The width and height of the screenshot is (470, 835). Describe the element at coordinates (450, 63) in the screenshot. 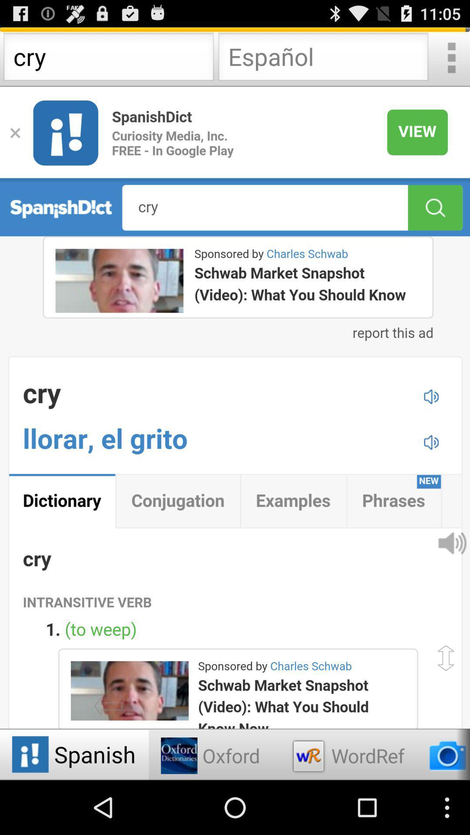

I see `the more icon` at that location.